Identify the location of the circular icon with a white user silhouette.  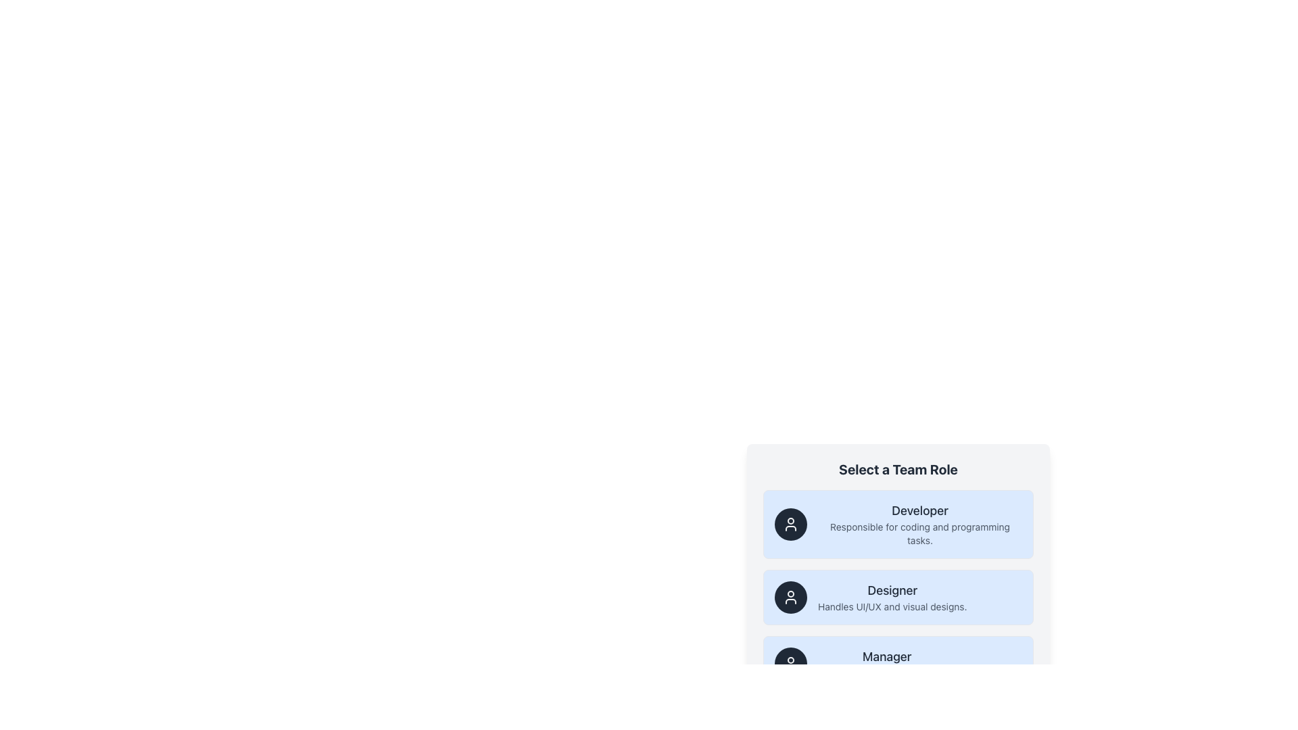
(791, 596).